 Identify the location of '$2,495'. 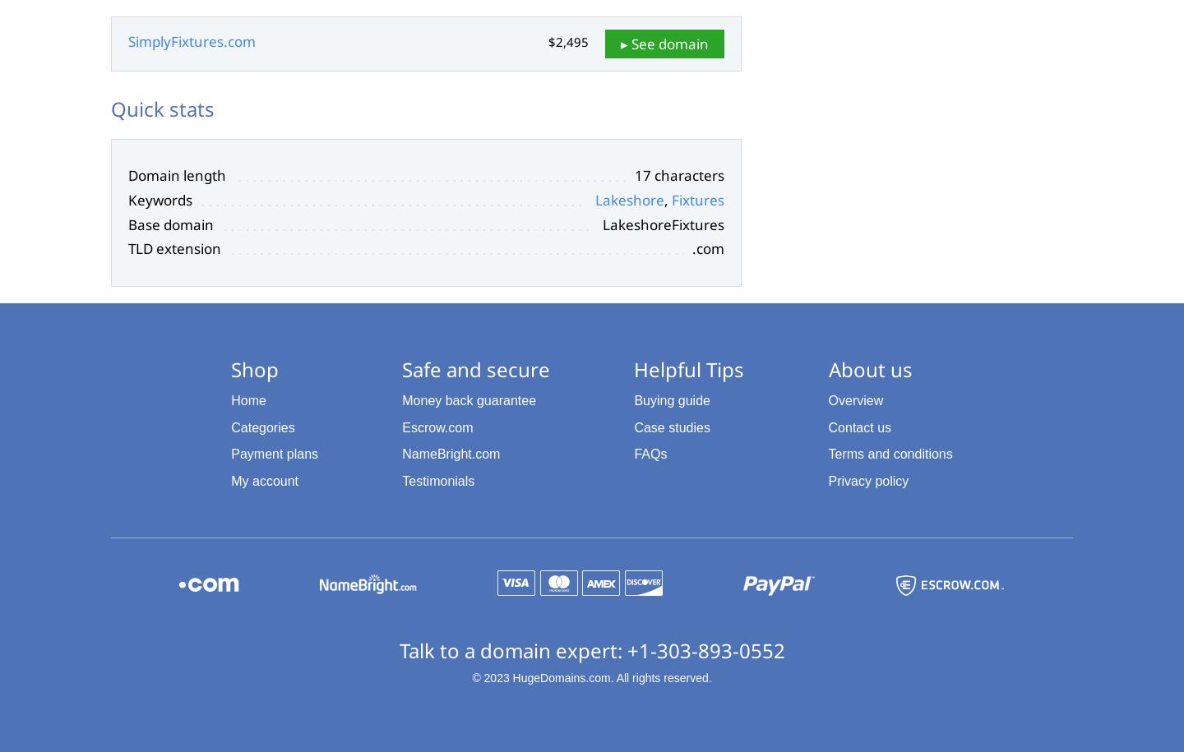
(568, 41).